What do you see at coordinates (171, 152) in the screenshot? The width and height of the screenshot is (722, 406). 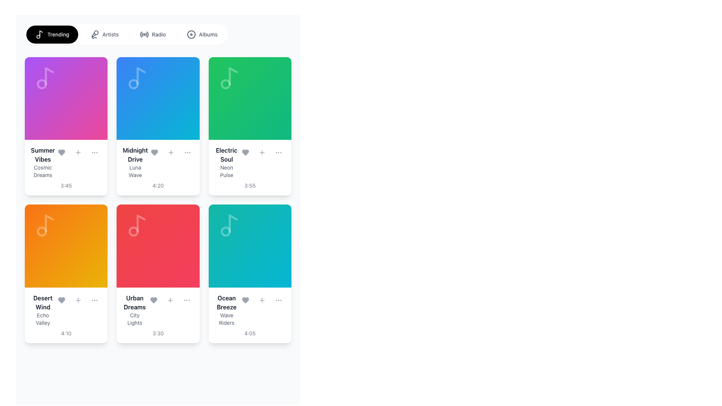 I see `the button` at bounding box center [171, 152].